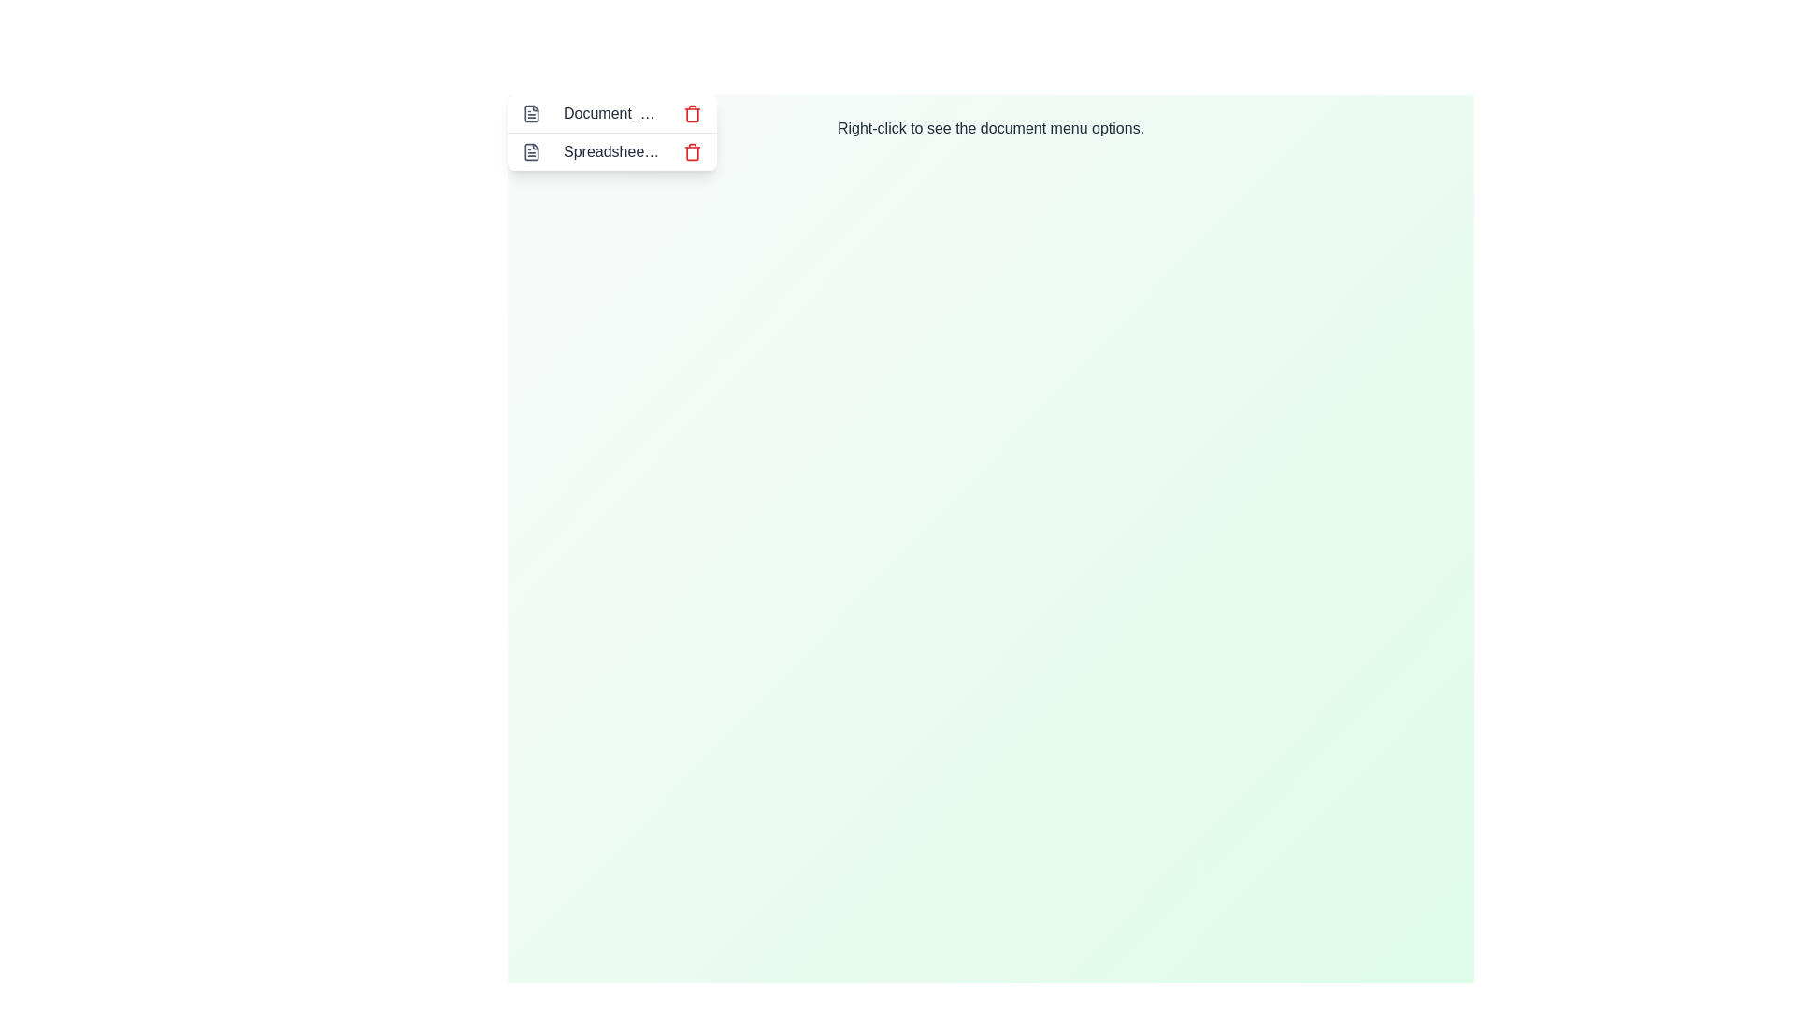  I want to click on the background to open the context menu, so click(717, 527).